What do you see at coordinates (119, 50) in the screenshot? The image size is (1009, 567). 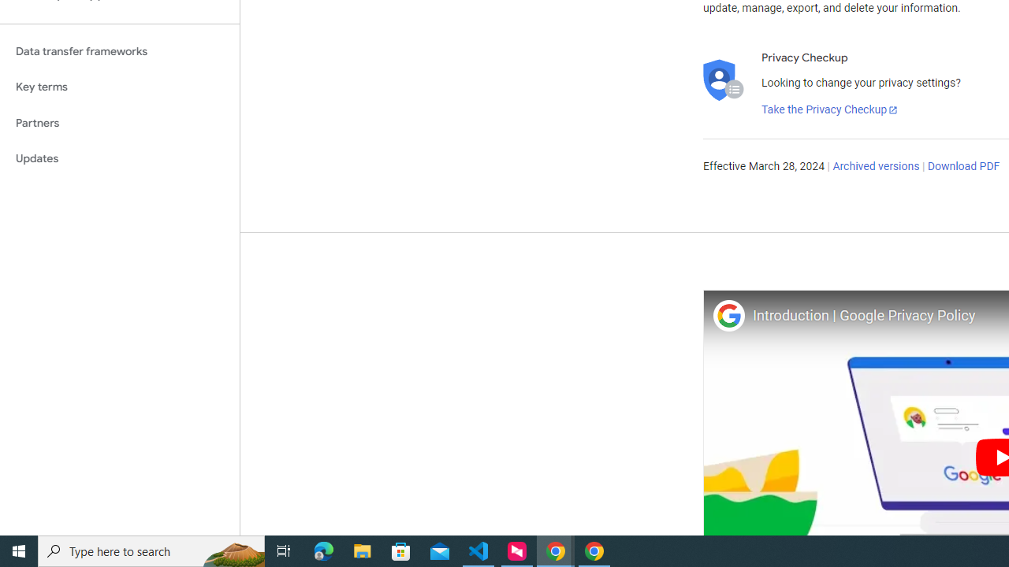 I see `'Data transfer frameworks'` at bounding box center [119, 50].